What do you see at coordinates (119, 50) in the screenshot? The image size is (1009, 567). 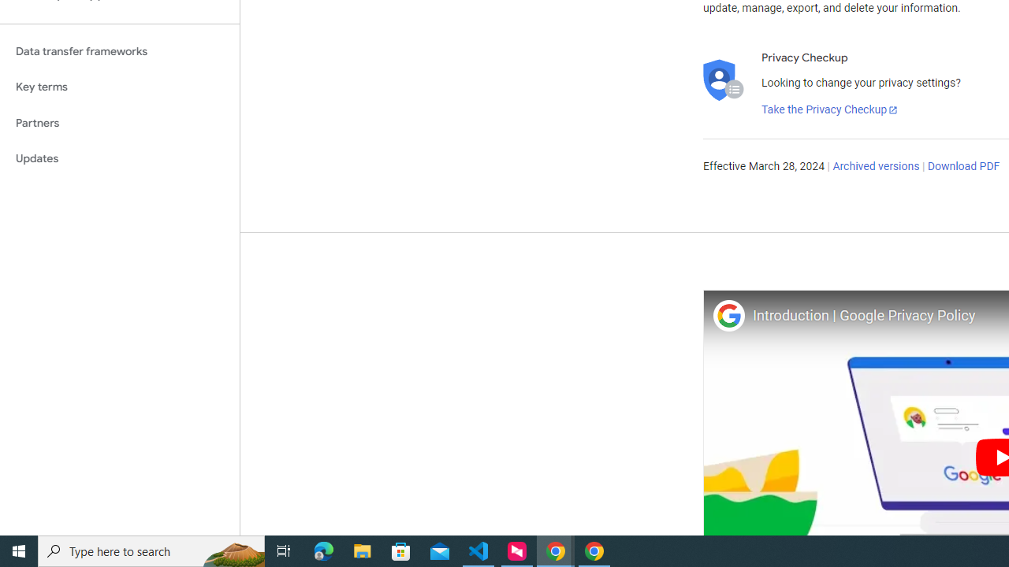 I see `'Data transfer frameworks'` at bounding box center [119, 50].